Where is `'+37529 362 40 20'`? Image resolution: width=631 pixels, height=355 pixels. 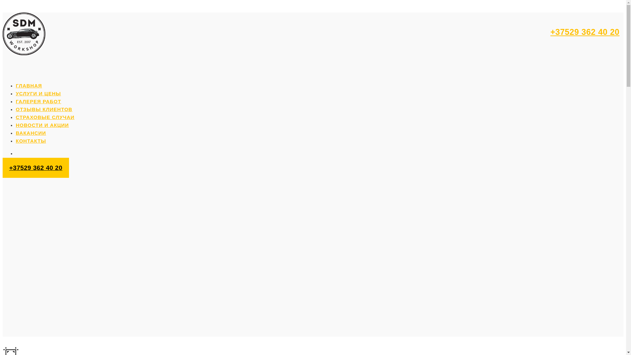
'+37529 362 40 20' is located at coordinates (585, 32).